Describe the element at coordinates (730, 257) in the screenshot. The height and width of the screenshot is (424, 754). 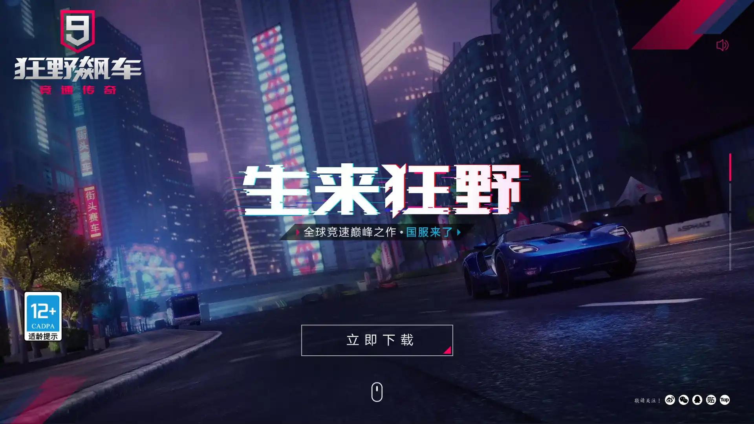
I see `Go to slide 4` at that location.